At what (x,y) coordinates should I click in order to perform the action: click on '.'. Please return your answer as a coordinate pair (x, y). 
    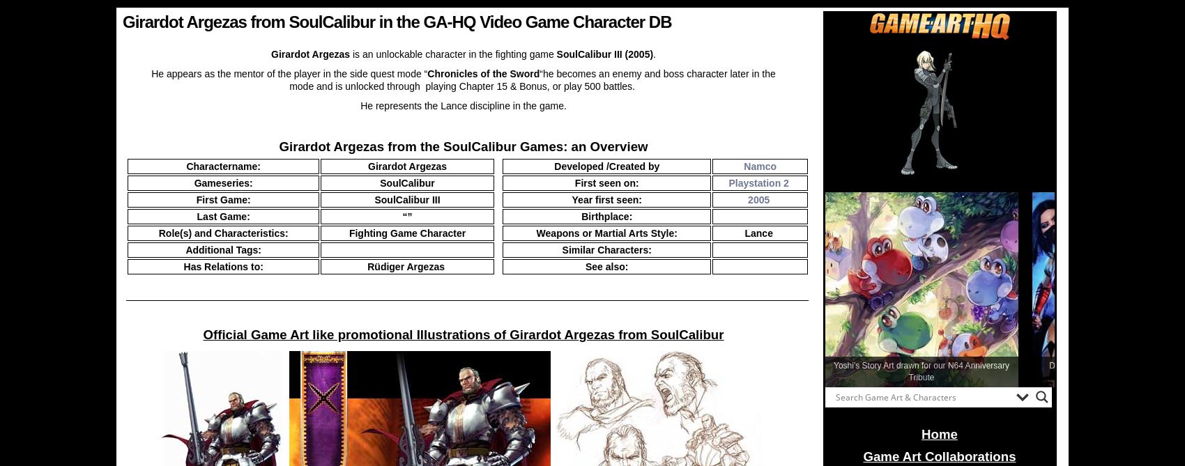
    Looking at the image, I should click on (654, 54).